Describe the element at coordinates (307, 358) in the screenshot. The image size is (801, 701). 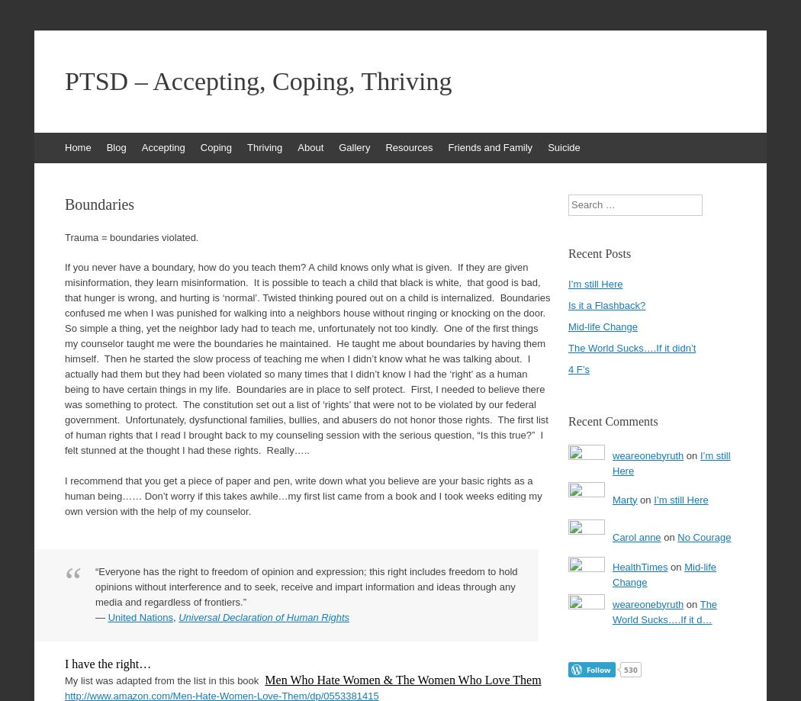
I see `'If you never have a boundary, how do you teach them? A child knows only what is given.  If they are given misinformation, they learn misinformation.  It is possible to teach a child that black is white,  that good is bad, that hunger is wrong, and hurting is ‘normal’. Twisted thinking poured out on a child is internalized.  Boundaries confused me when I was punished for walking into a neighbors house without ringing or knocking on the door.  So simple a thing, yet the neighbor lady had to teach me, unfortunately not too kindly.  One of the first things my counselor taught me were the boundaries he maintained.  He taught me about boundaries by having them himself.  Then he started the slow process of teaching me when I didn’t know what he was talking about.  I actually had them but they had been violated so many times that I didn’t know I had the ‘right’ as a human being to have certain things in my life.  Boundaries are in place to self protect.  First, I needed to believe there was something to protect.  The constitution set out a list of ‘rights’ that were not to be violated by our federal government.  Unfortunately, dysfunctional families, bullies, and abusers do not honor those rights.  The first list of human rights that I read I brought back to my counseling session with the serious question, “Is this true?”  I felt stunned at the thought I had these rights.  Really…..'` at that location.